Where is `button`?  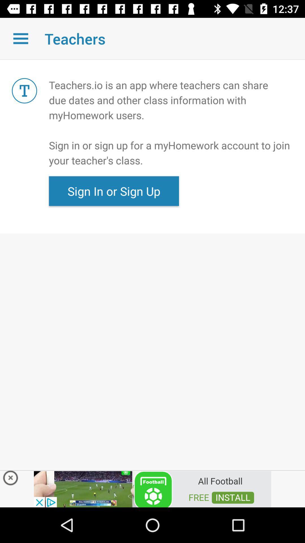 button is located at coordinates (152, 488).